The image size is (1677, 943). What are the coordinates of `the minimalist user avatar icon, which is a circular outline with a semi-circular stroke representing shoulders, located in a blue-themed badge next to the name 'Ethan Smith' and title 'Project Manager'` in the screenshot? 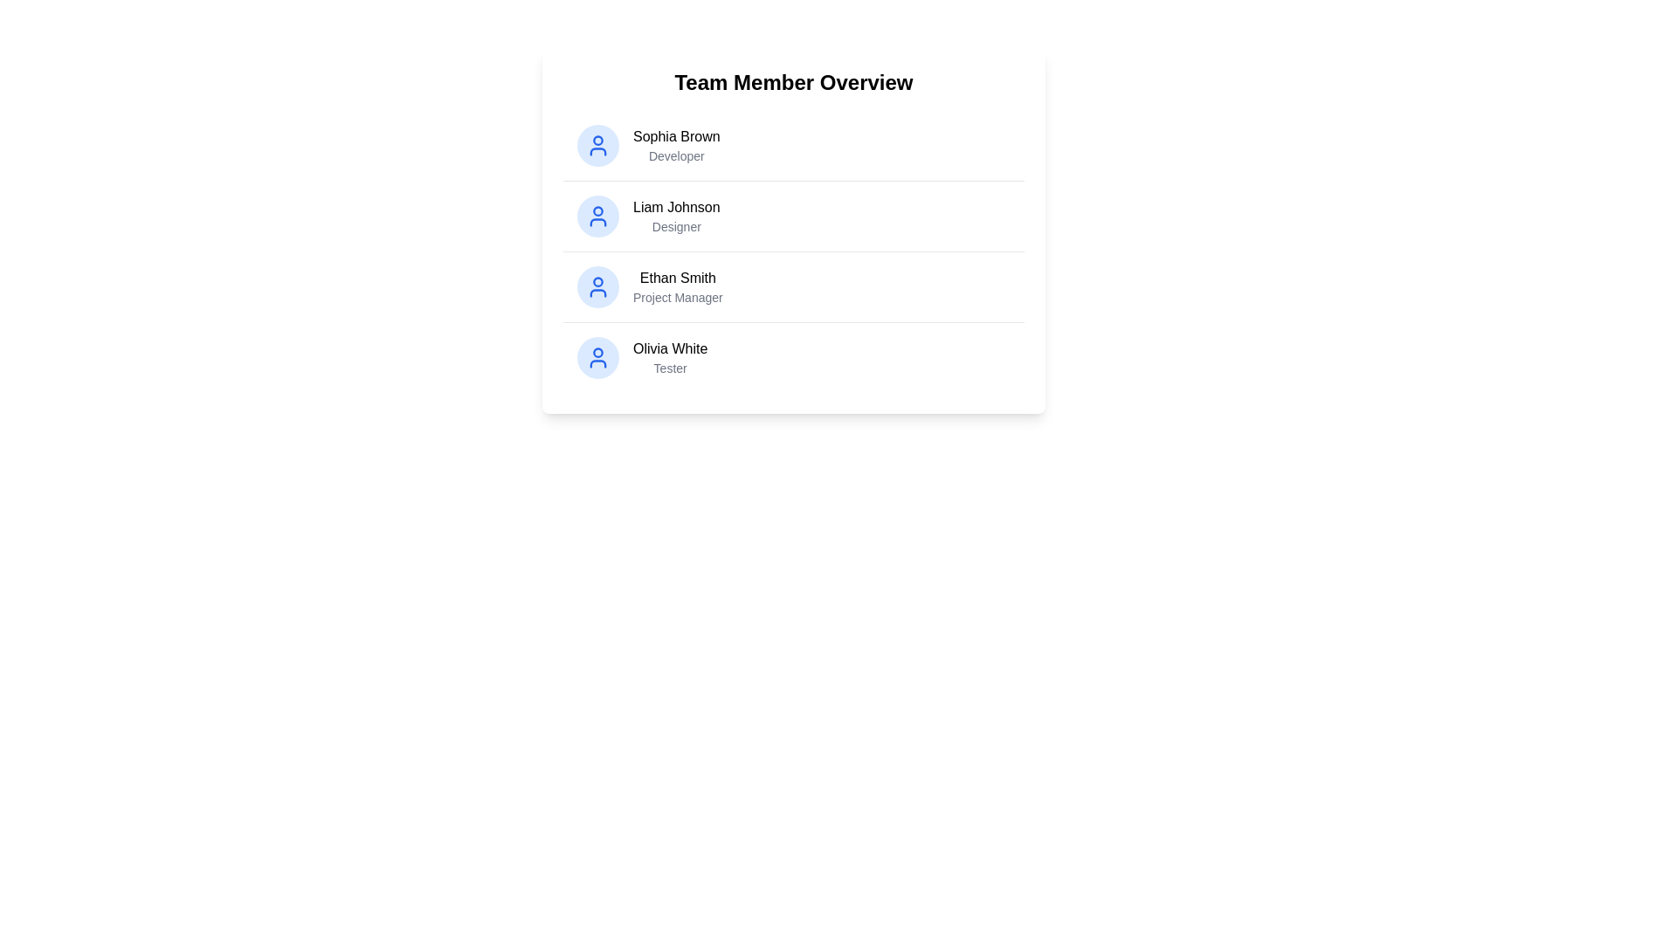 It's located at (598, 286).